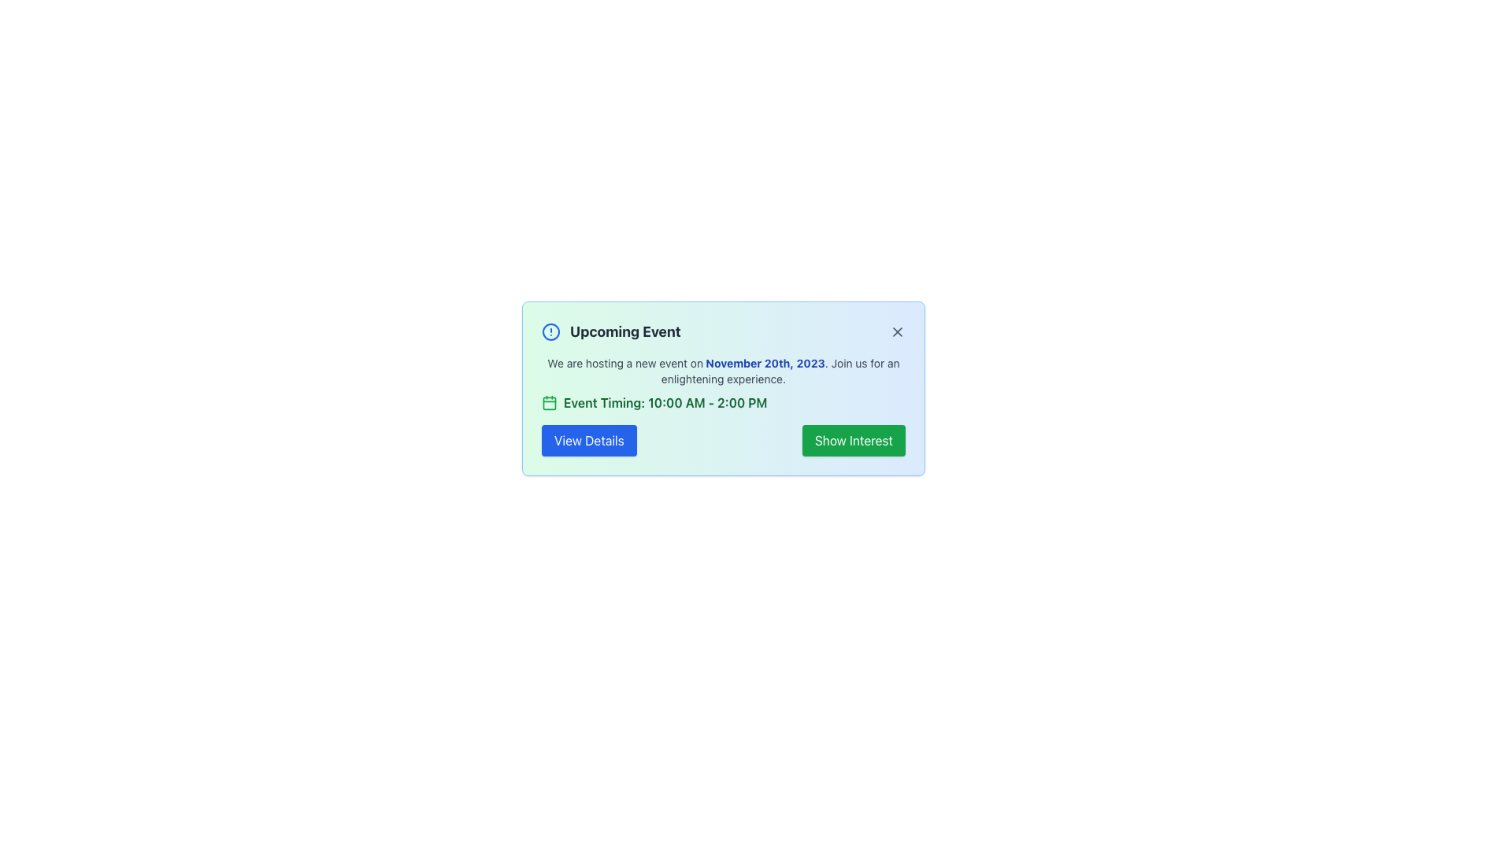 This screenshot has height=850, width=1512. Describe the element at coordinates (551, 331) in the screenshot. I see `the alert or notification indicator icon that is positioned to the left of the text 'Upcoming Event'` at that location.